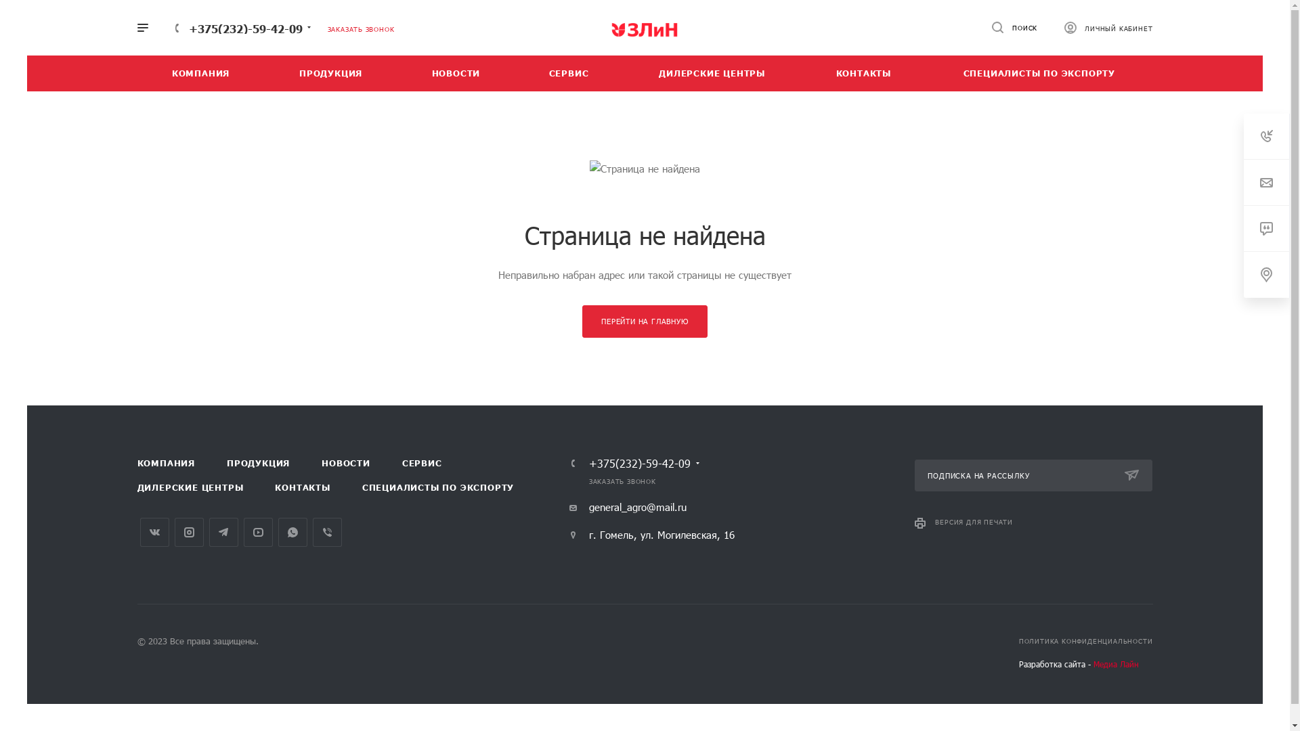 The image size is (1300, 731). What do you see at coordinates (258, 531) in the screenshot?
I see `'YouTube'` at bounding box center [258, 531].